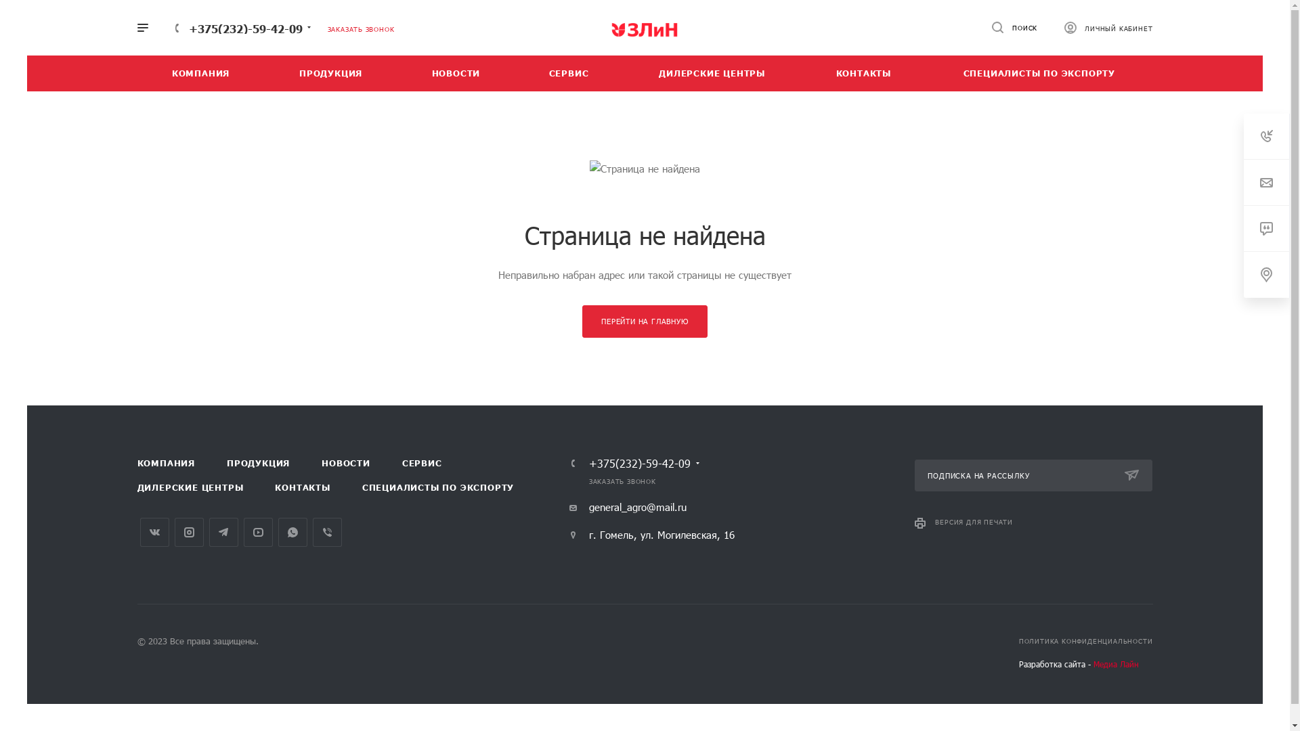 The image size is (1300, 731). What do you see at coordinates (258, 531) in the screenshot?
I see `'YouTube'` at bounding box center [258, 531].